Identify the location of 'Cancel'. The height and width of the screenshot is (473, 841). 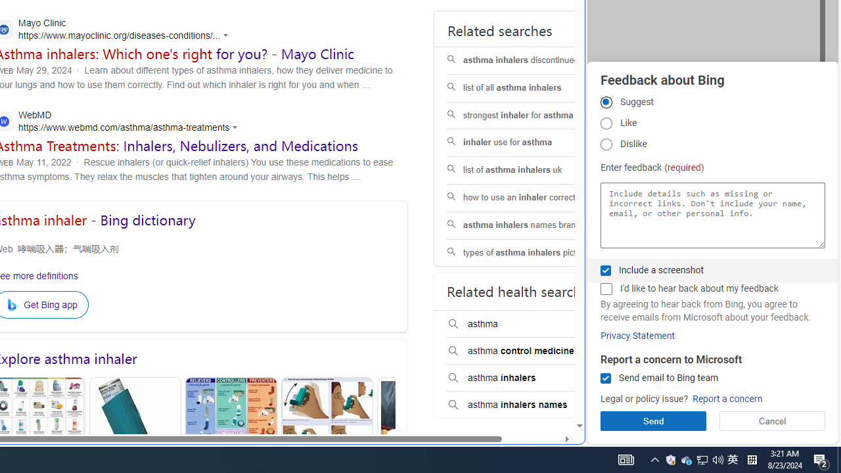
(772, 420).